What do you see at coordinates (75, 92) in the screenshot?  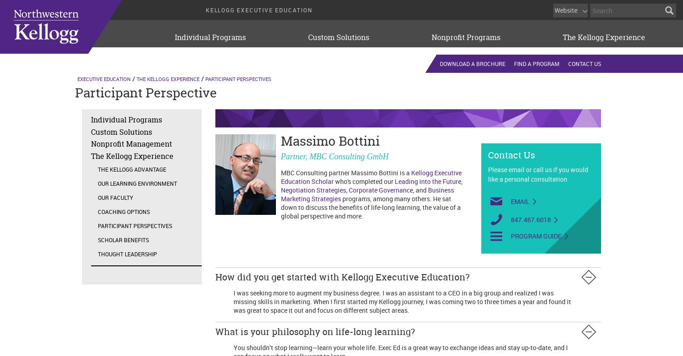 I see `'Participant Perspective'` at bounding box center [75, 92].